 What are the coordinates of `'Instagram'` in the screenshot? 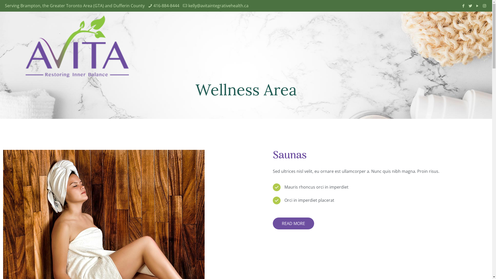 It's located at (484, 6).